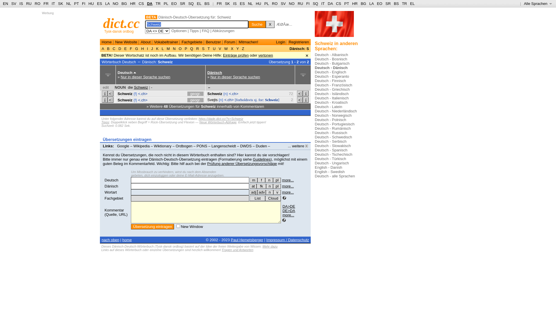 This screenshot has height=312, width=556. What do you see at coordinates (223, 48) in the screenshot?
I see `'W'` at bounding box center [223, 48].